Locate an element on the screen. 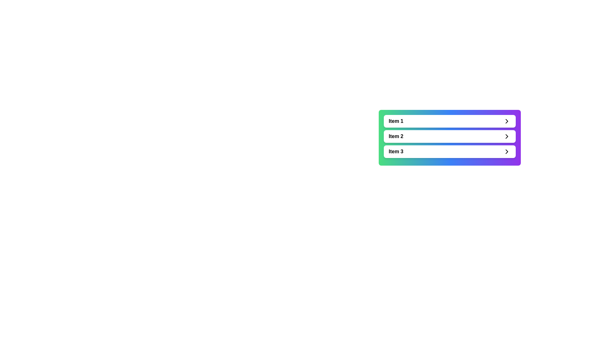 This screenshot has width=609, height=342. the directional indicator icon located at the right-most position of the 'Item 3' entry is located at coordinates (506, 151).